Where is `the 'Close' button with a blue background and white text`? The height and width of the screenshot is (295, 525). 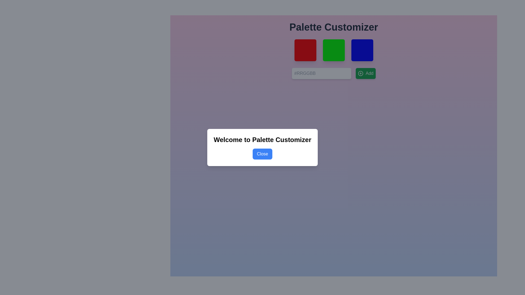
the 'Close' button with a blue background and white text is located at coordinates (262, 154).